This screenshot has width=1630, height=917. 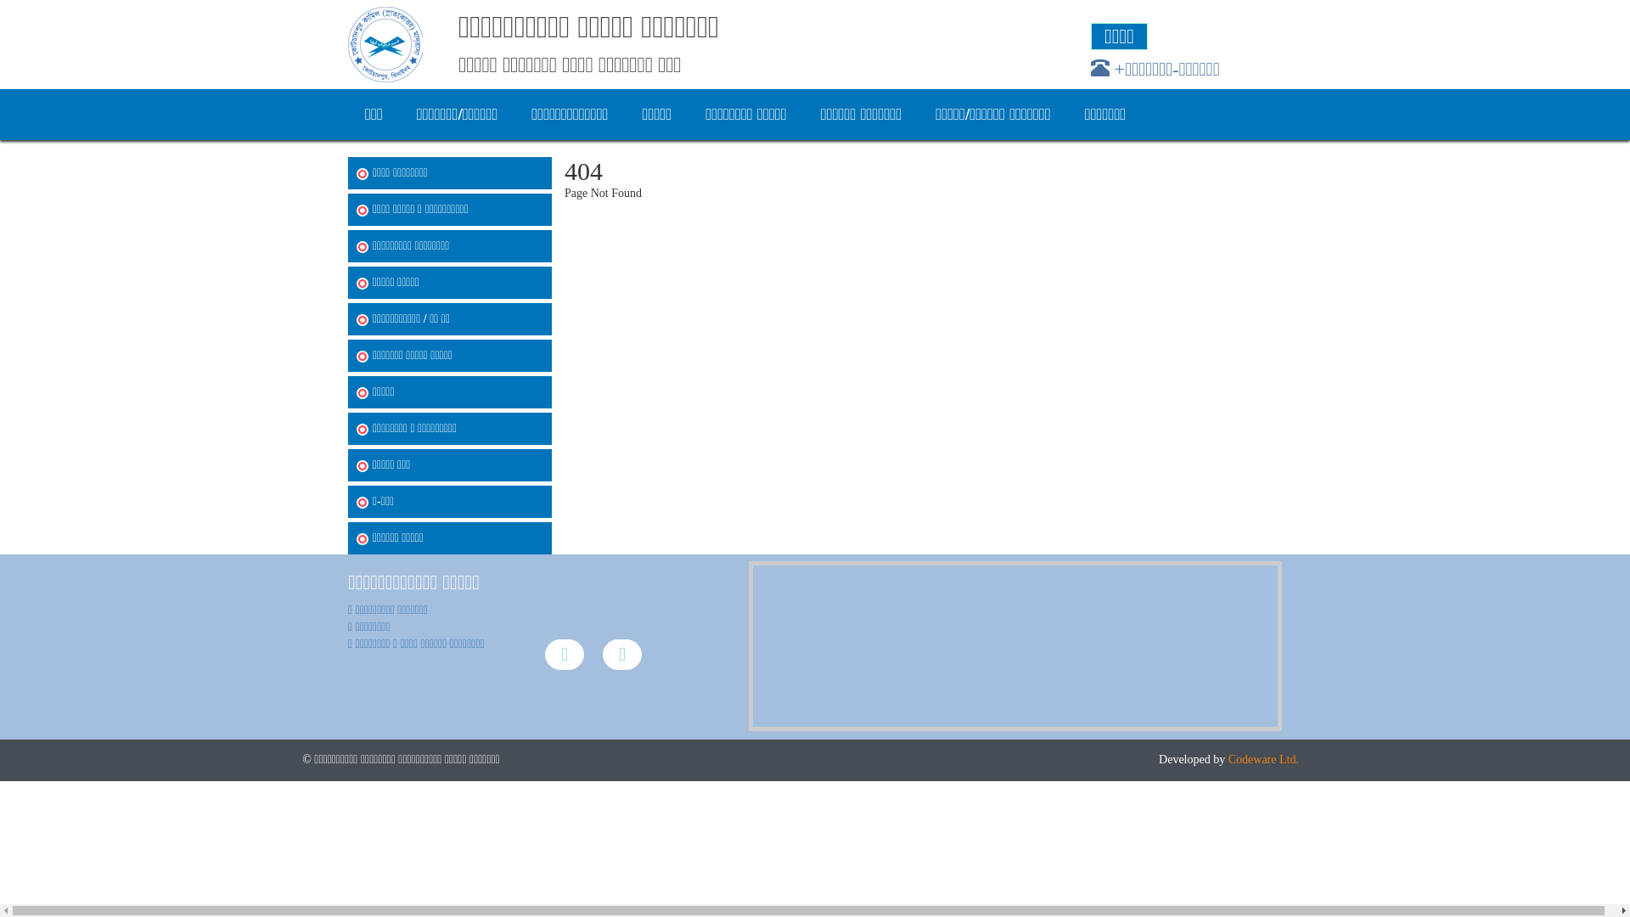 What do you see at coordinates (1263, 758) in the screenshot?
I see `'Codeware Ltd.'` at bounding box center [1263, 758].